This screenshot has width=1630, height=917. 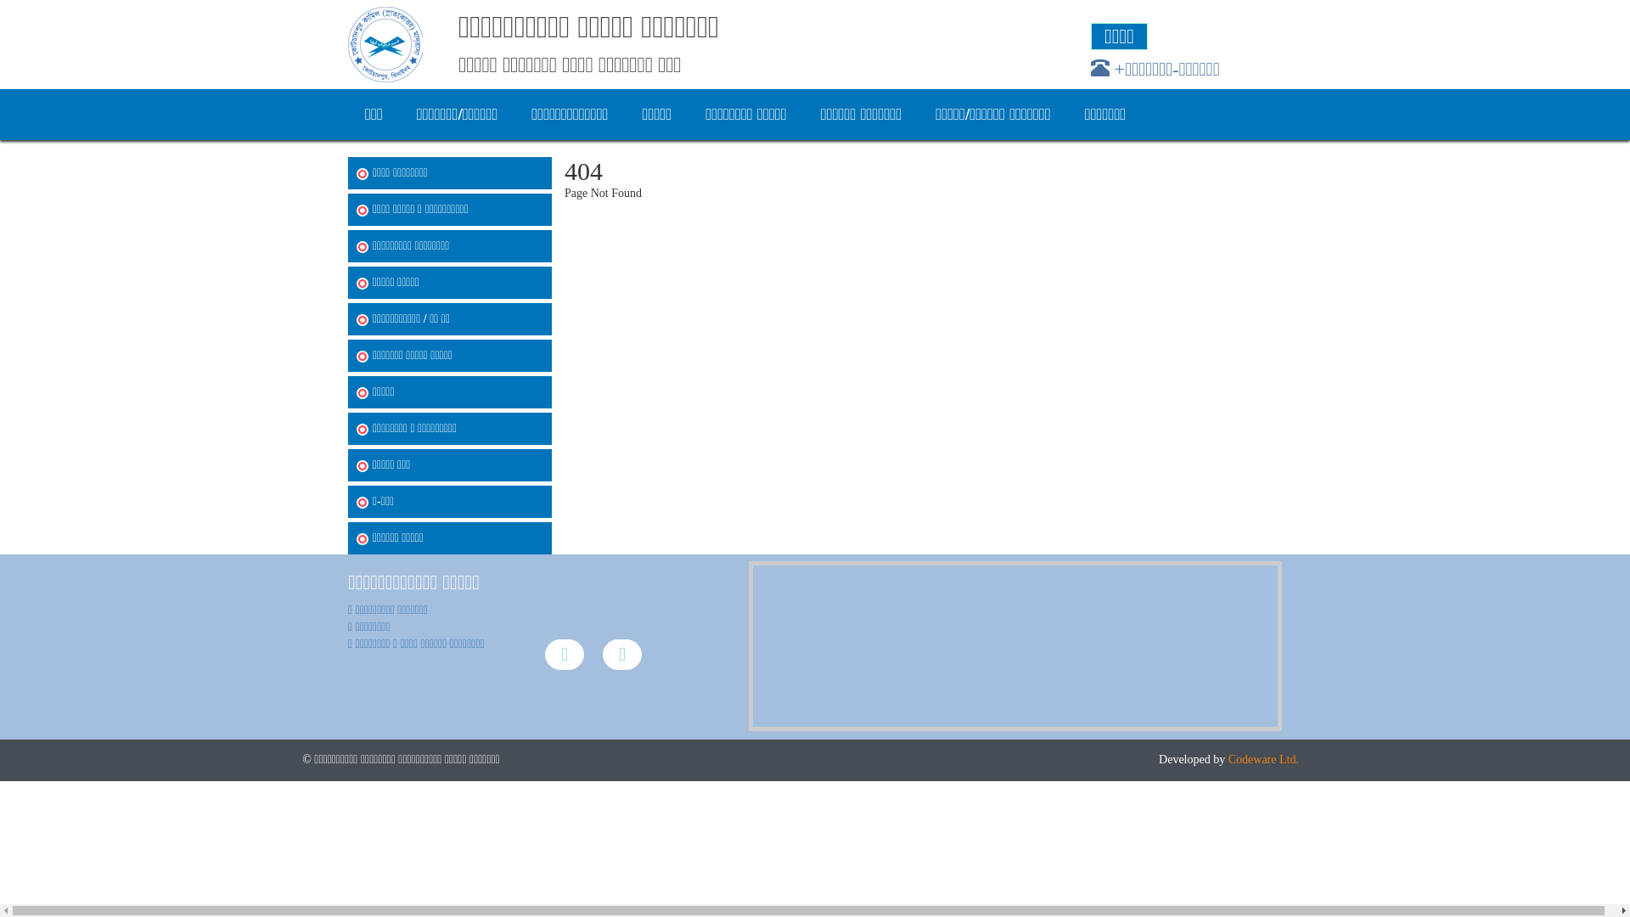 What do you see at coordinates (1263, 758) in the screenshot?
I see `'Codeware Ltd.'` at bounding box center [1263, 758].